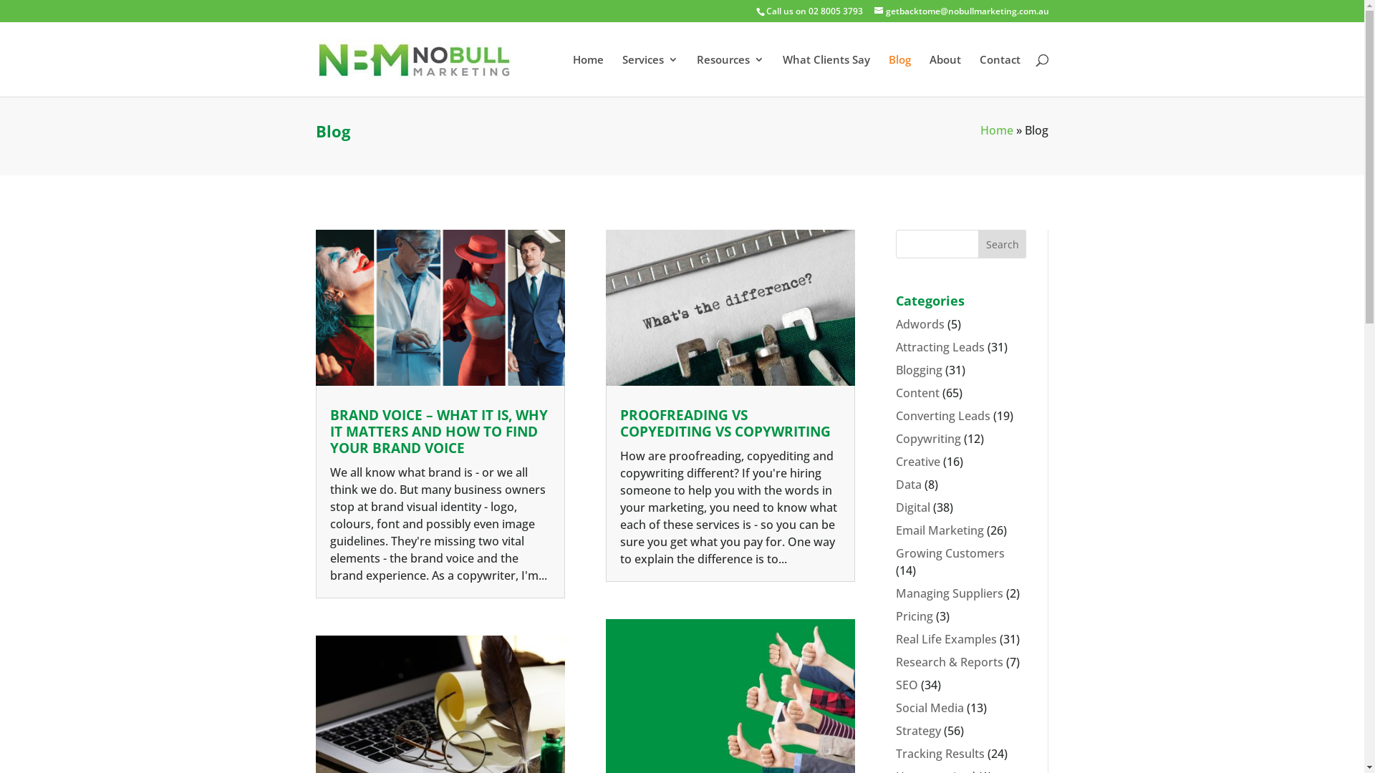 This screenshot has width=1375, height=773. Describe the element at coordinates (940, 347) in the screenshot. I see `'Attracting Leads'` at that location.